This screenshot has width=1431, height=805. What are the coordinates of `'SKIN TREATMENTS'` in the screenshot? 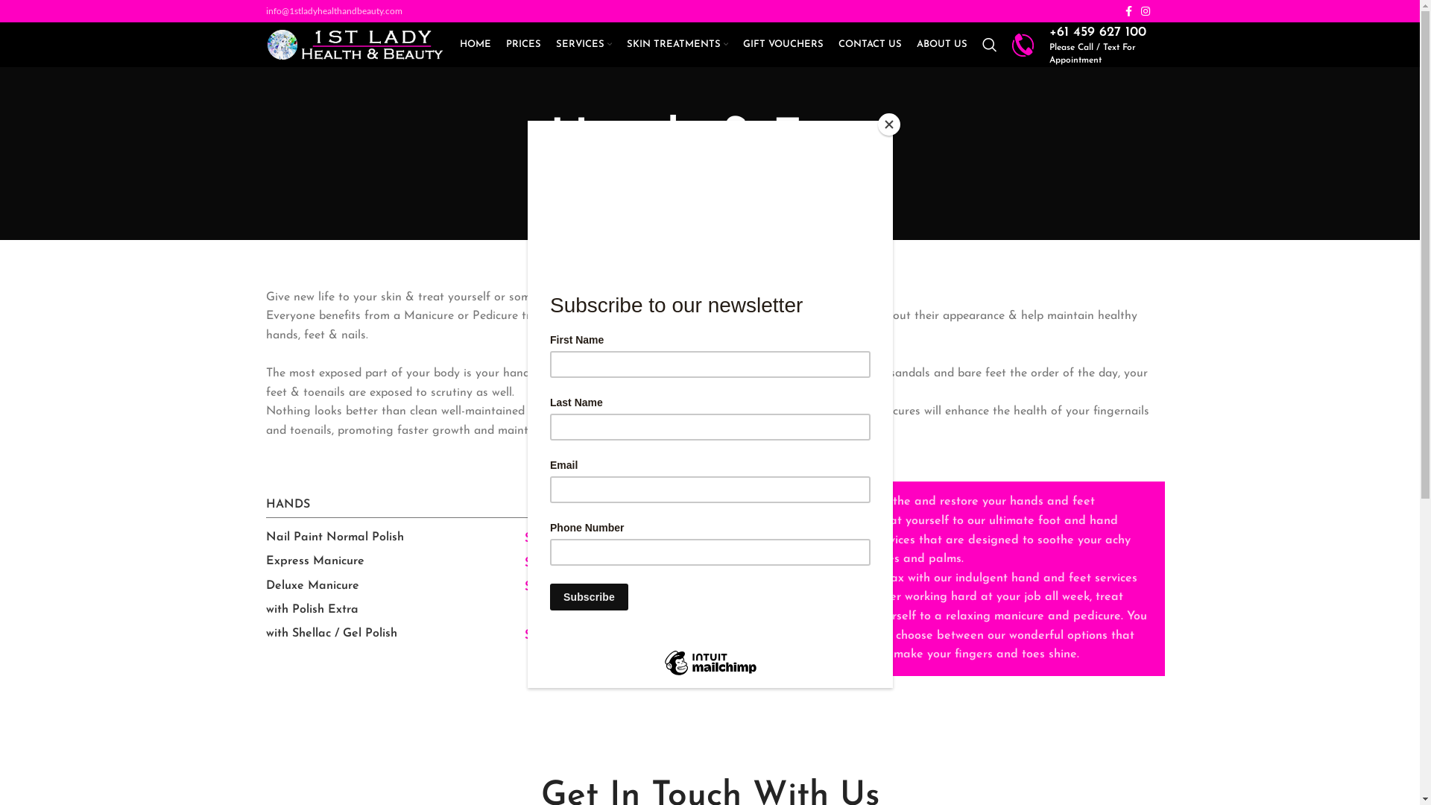 It's located at (675, 44).